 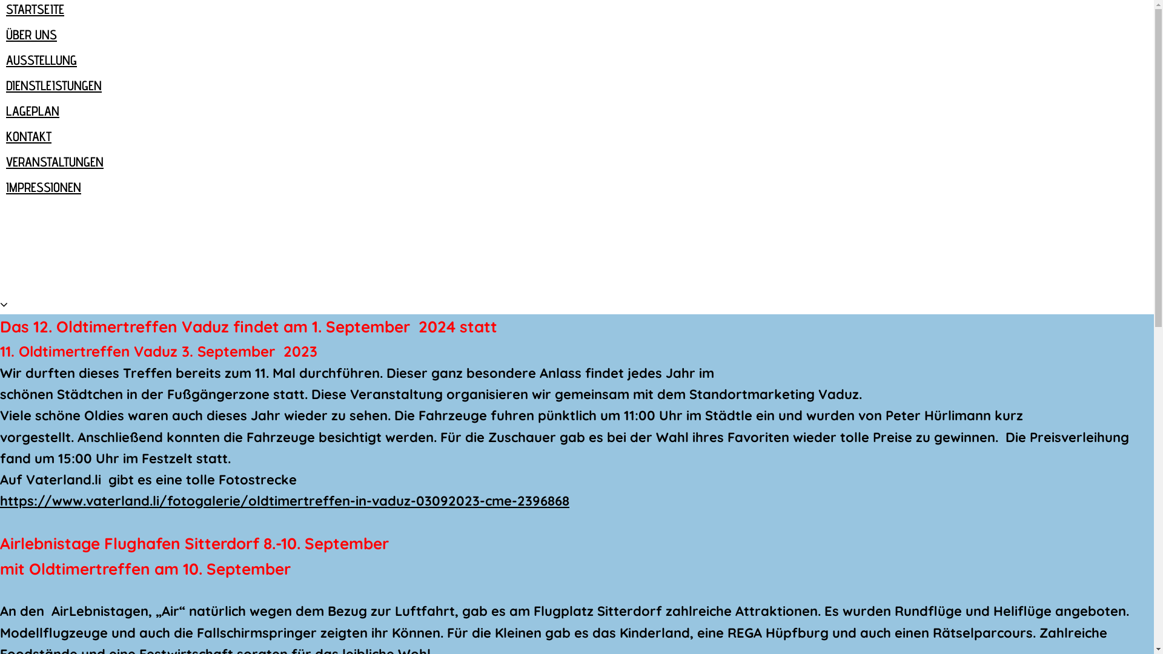 I want to click on 'AUSSTELLUNG', so click(x=41, y=60).